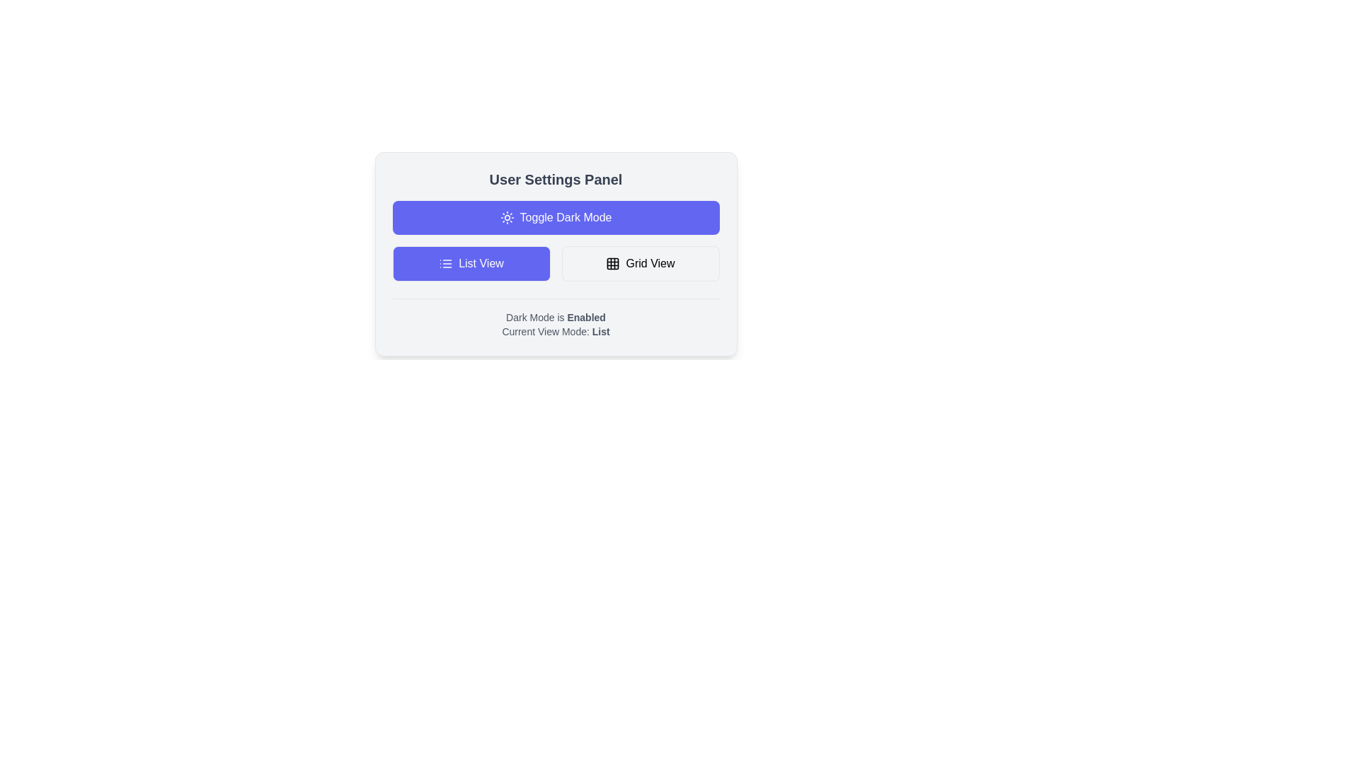 The width and height of the screenshot is (1359, 764). I want to click on the sun-shaped icon located at the left end of the 'Toggle Dark Mode' button in the 'User Settings Panel', so click(507, 218).